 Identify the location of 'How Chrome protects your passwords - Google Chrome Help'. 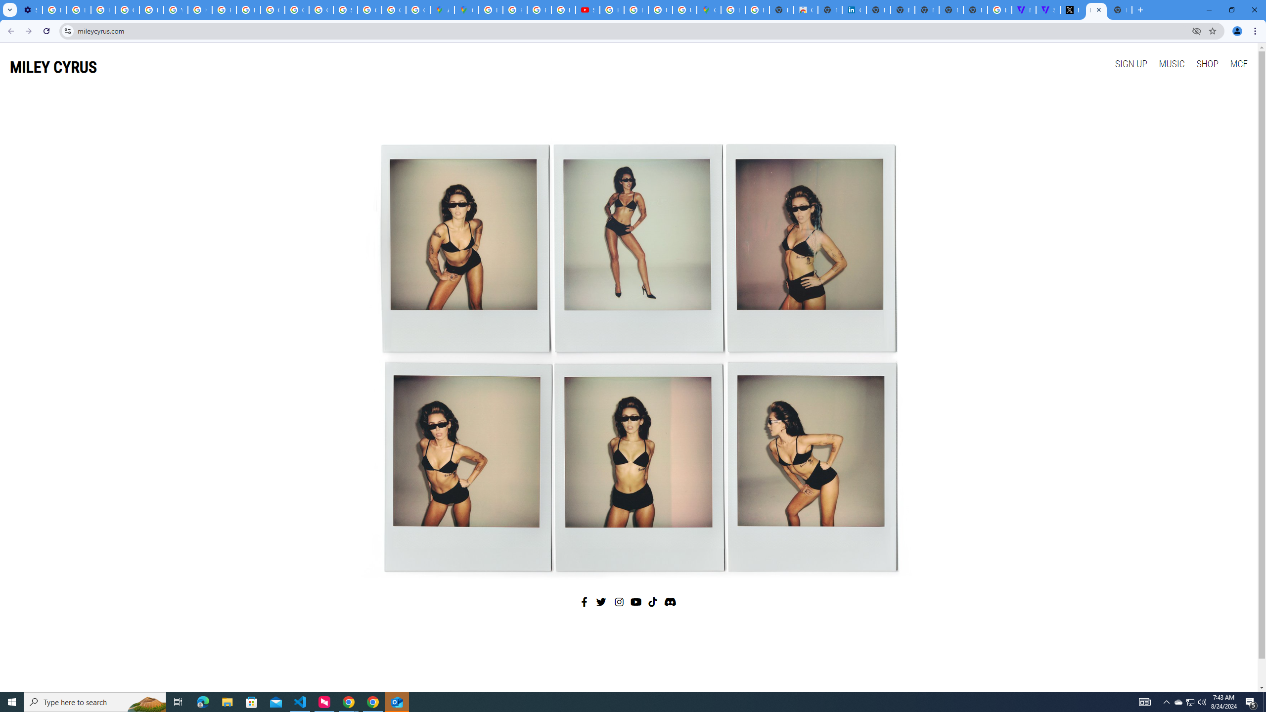
(611, 9).